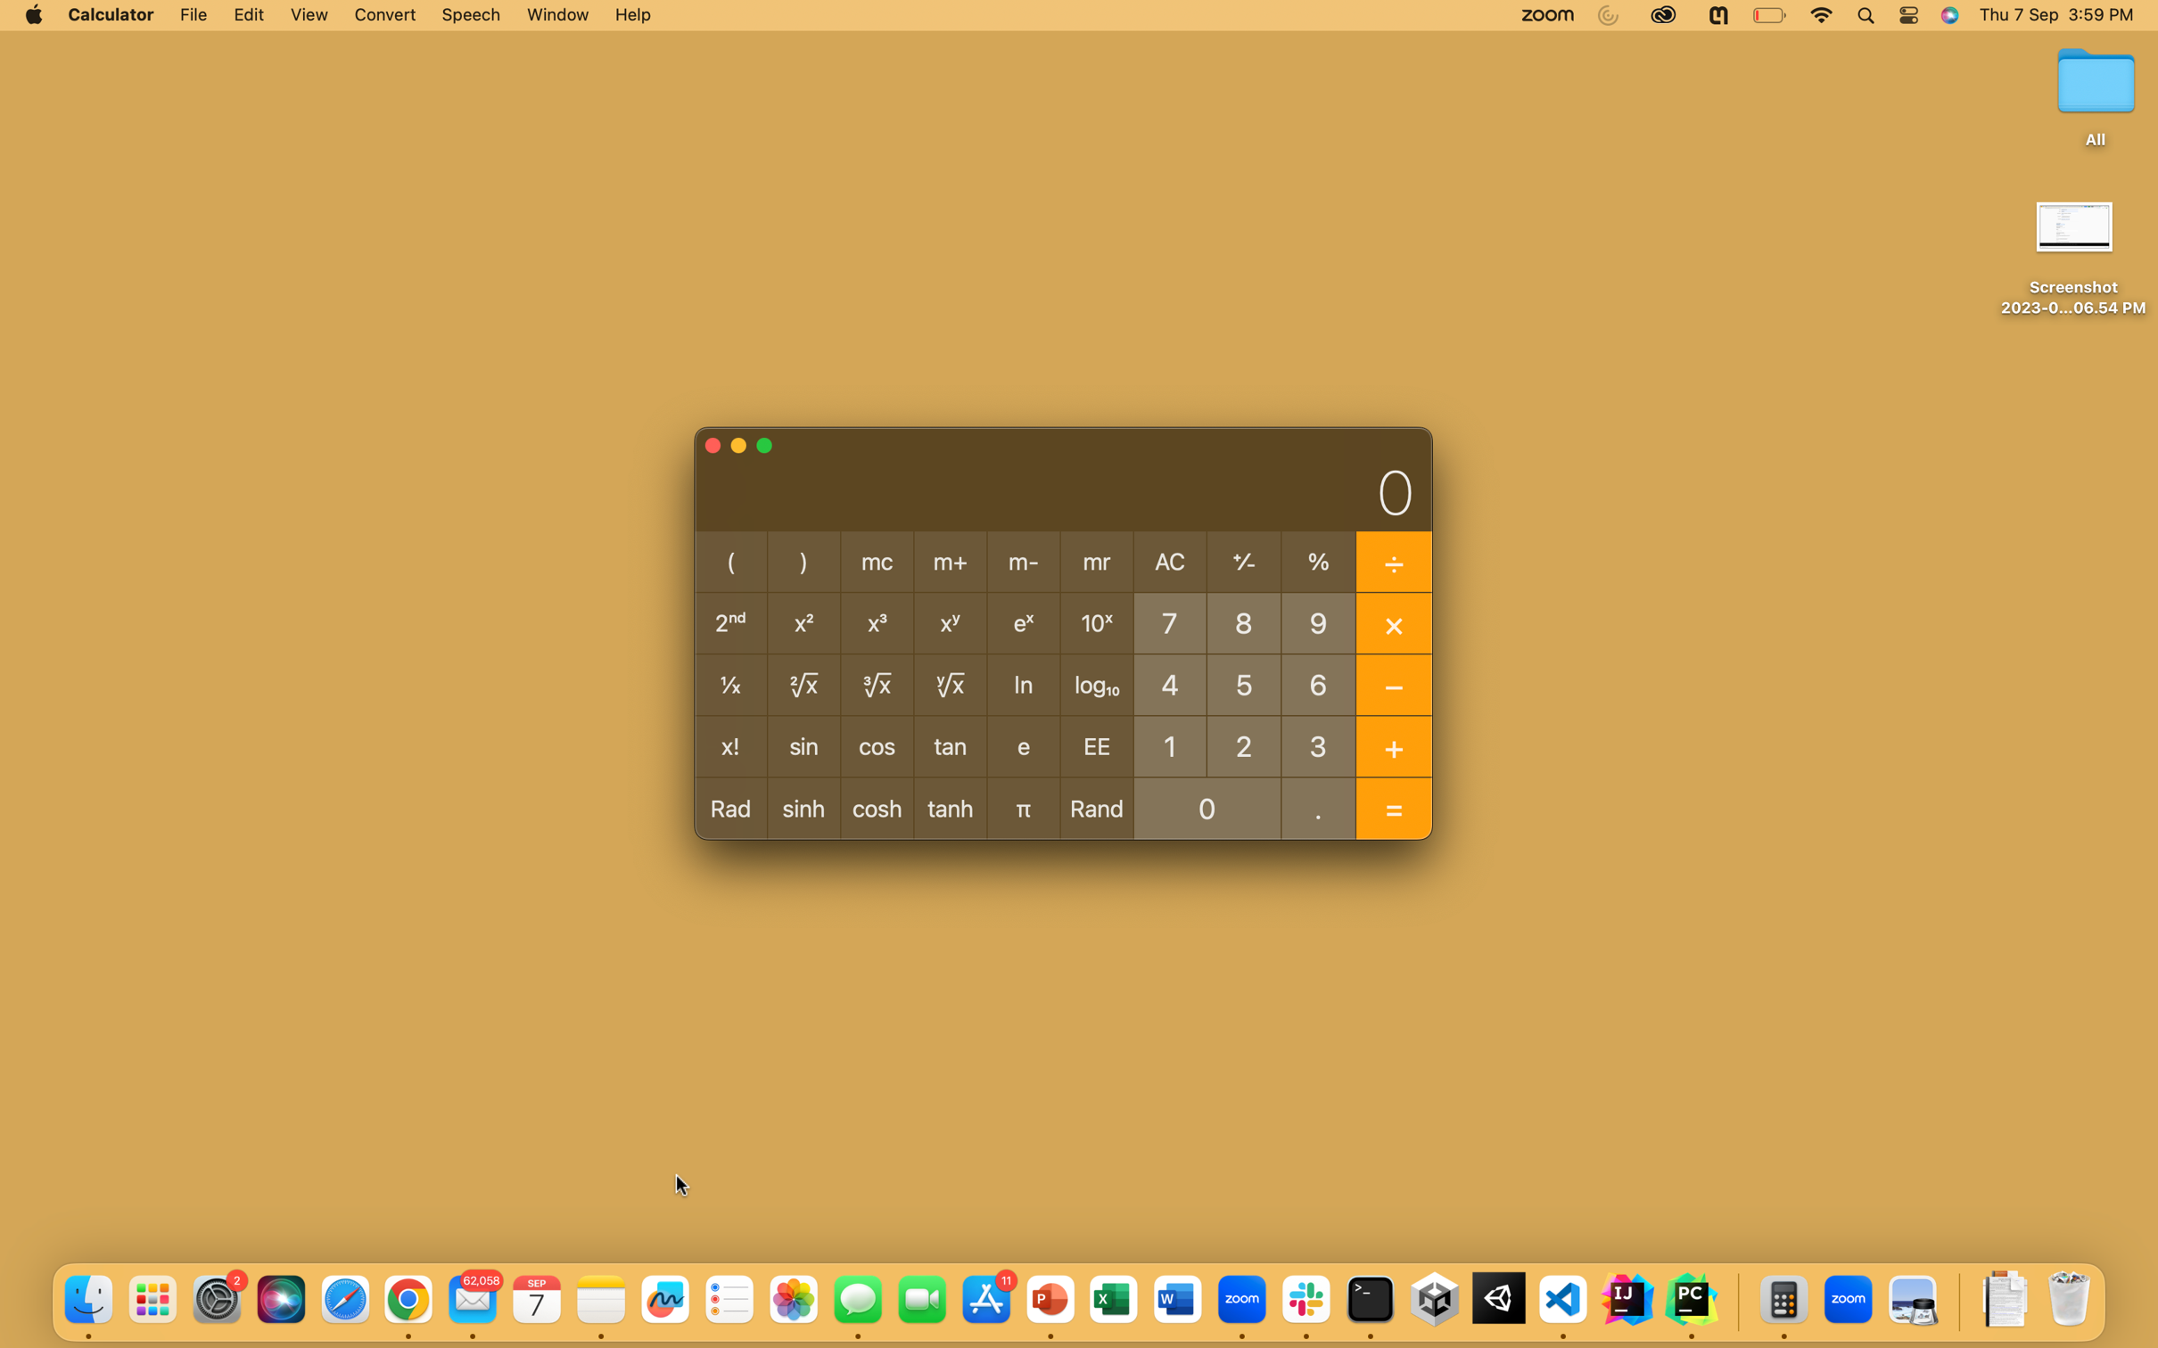 This screenshot has width=2158, height=1348. What do you see at coordinates (1243, 744) in the screenshot?
I see `Determine the cube root of the number 27` at bounding box center [1243, 744].